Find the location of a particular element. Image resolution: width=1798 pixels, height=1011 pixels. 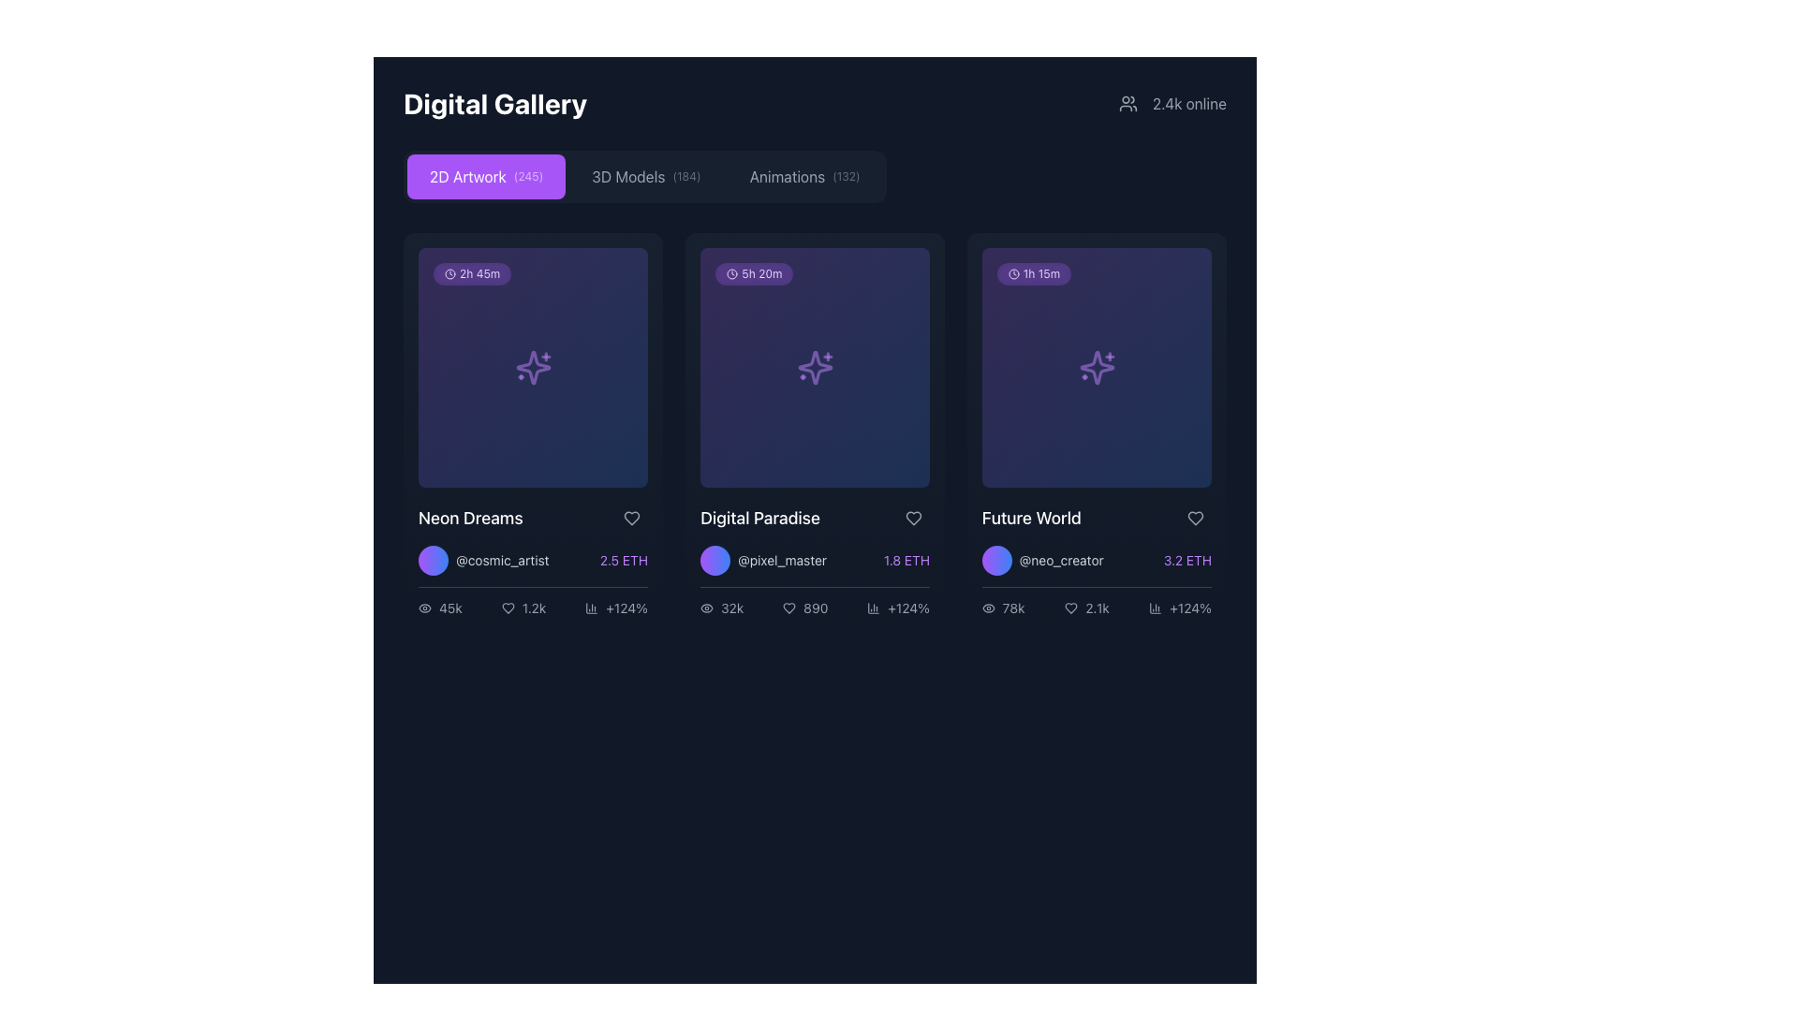

the like button located at the bottom-right corner of the 'Digital Paradise' card to like the item is located at coordinates (913, 519).